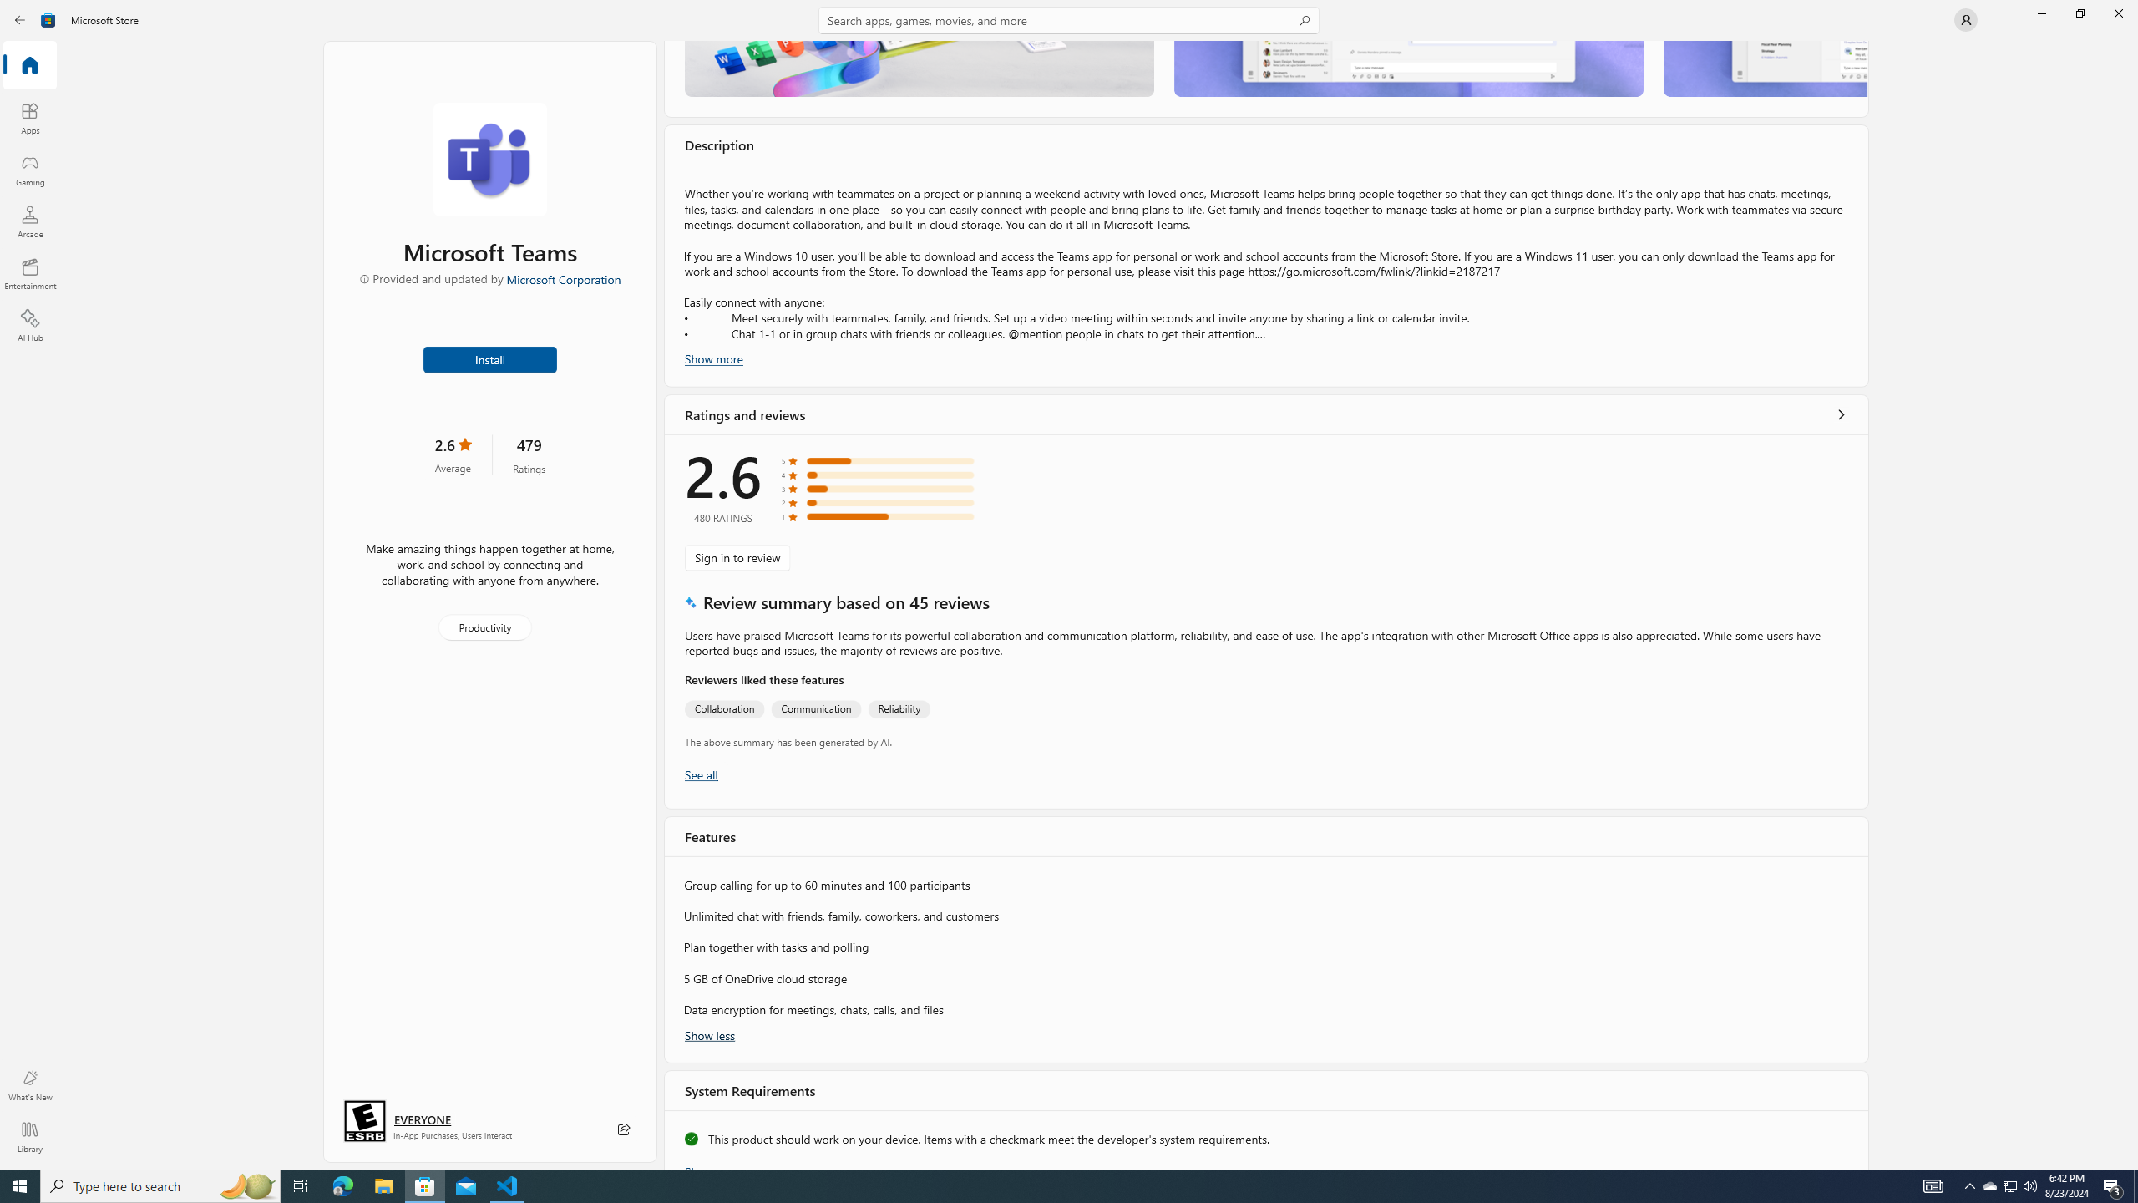  Describe the element at coordinates (623, 1129) in the screenshot. I see `'Share'` at that location.